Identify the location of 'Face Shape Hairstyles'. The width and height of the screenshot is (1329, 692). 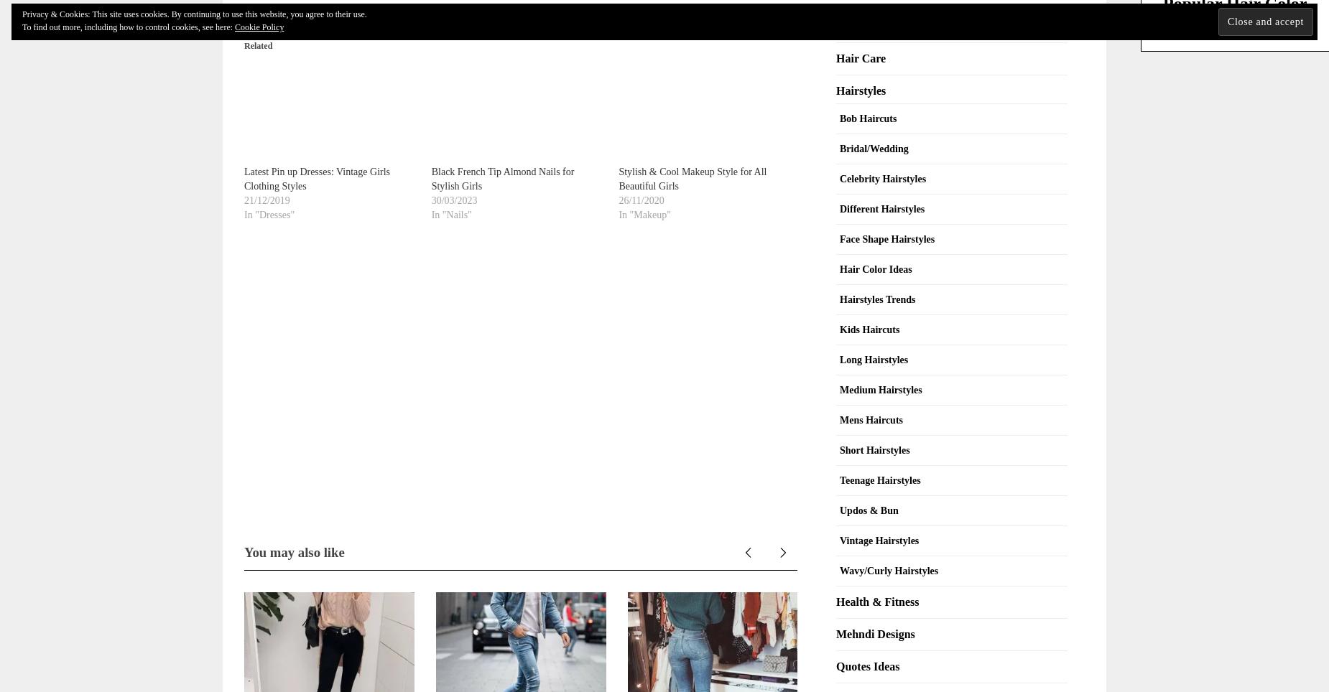
(839, 238).